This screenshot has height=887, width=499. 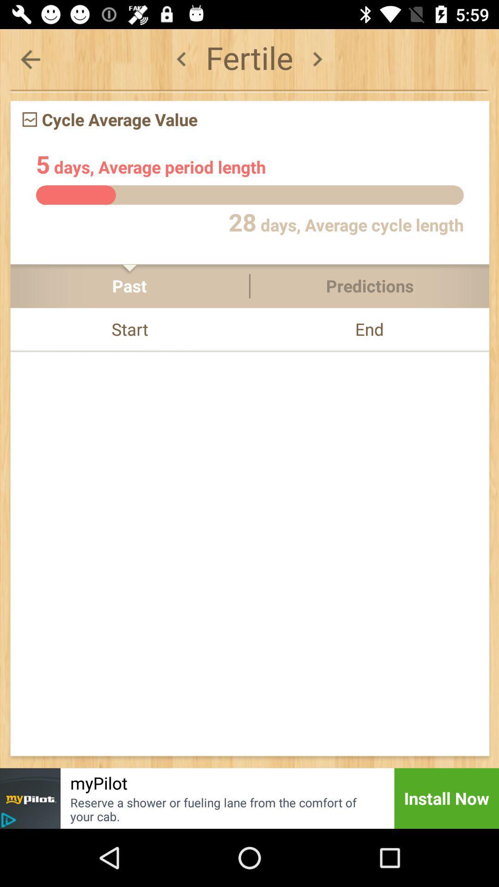 I want to click on the play icon, so click(x=8, y=820).